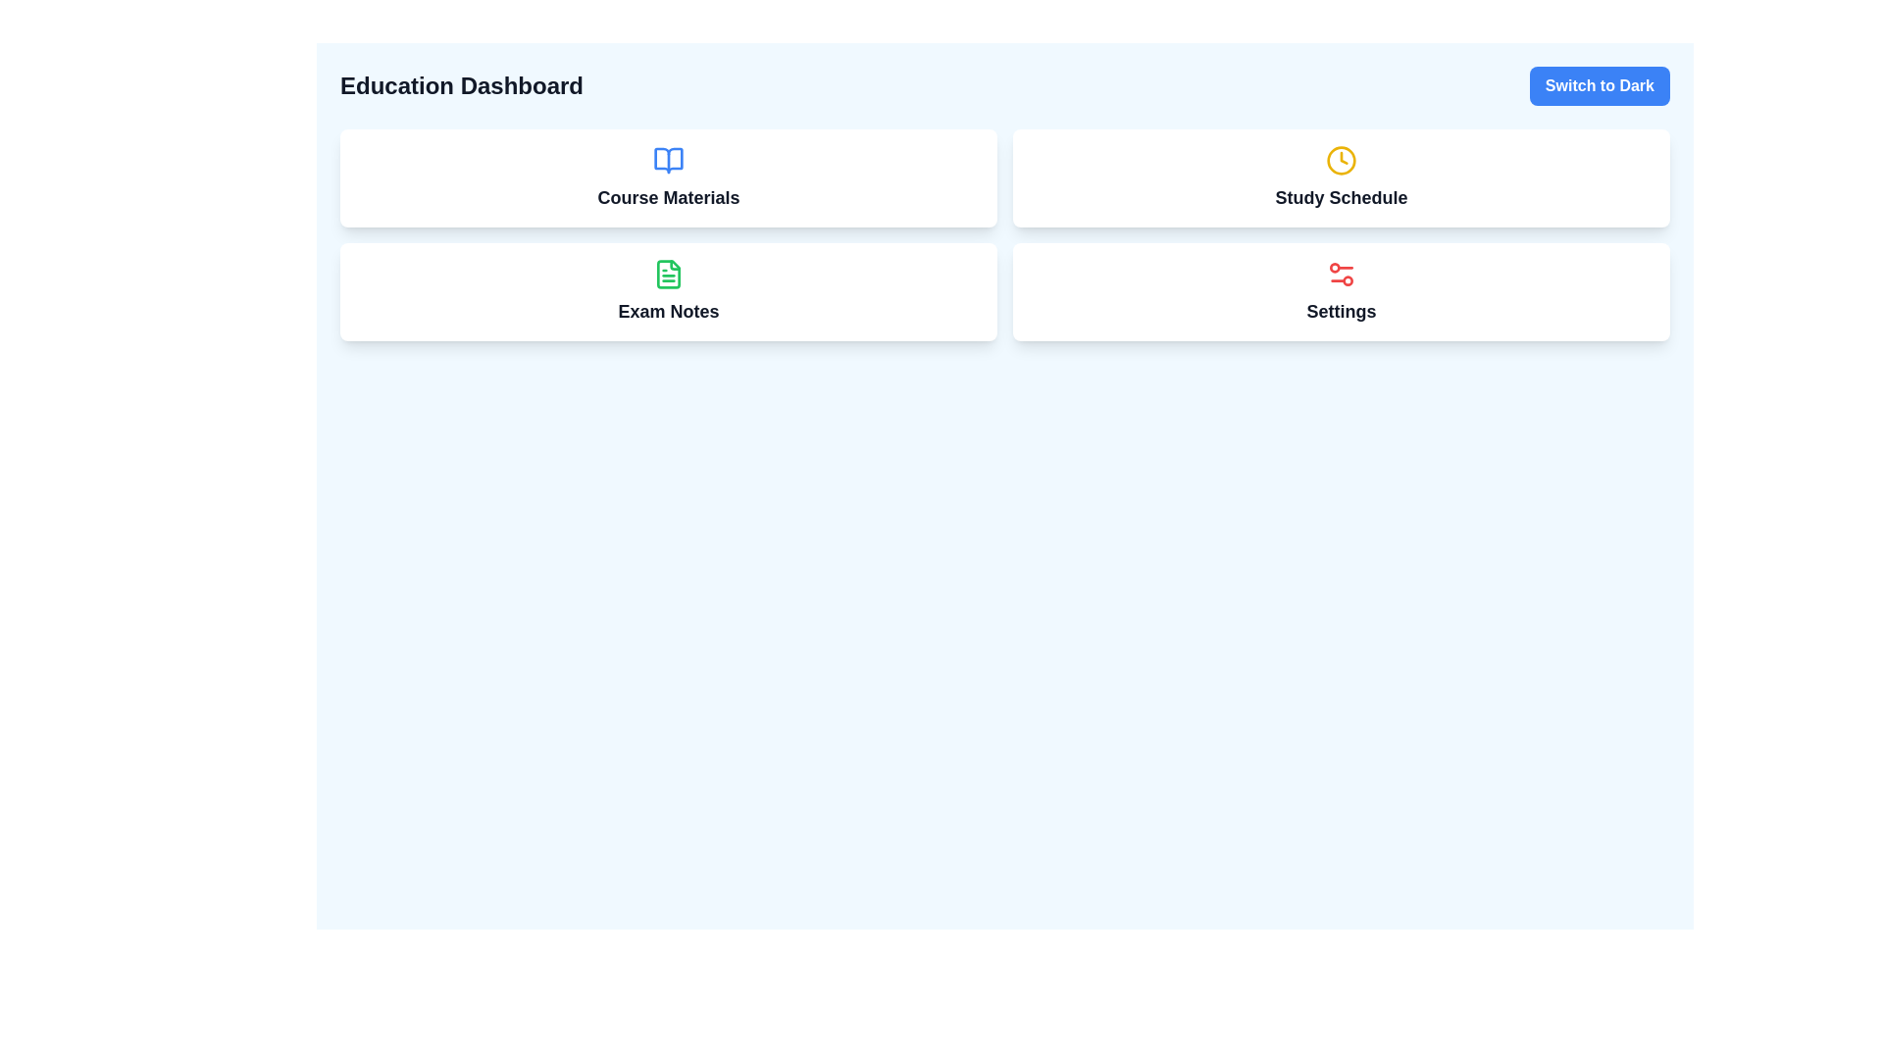 The width and height of the screenshot is (1883, 1059). I want to click on the 'Settings' icon located at the top center of the 'Settings' section panel, right below the title 'Settings', so click(1341, 275).